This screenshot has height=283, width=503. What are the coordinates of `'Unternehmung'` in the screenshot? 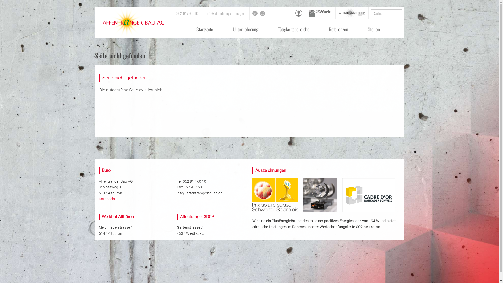 It's located at (245, 29).